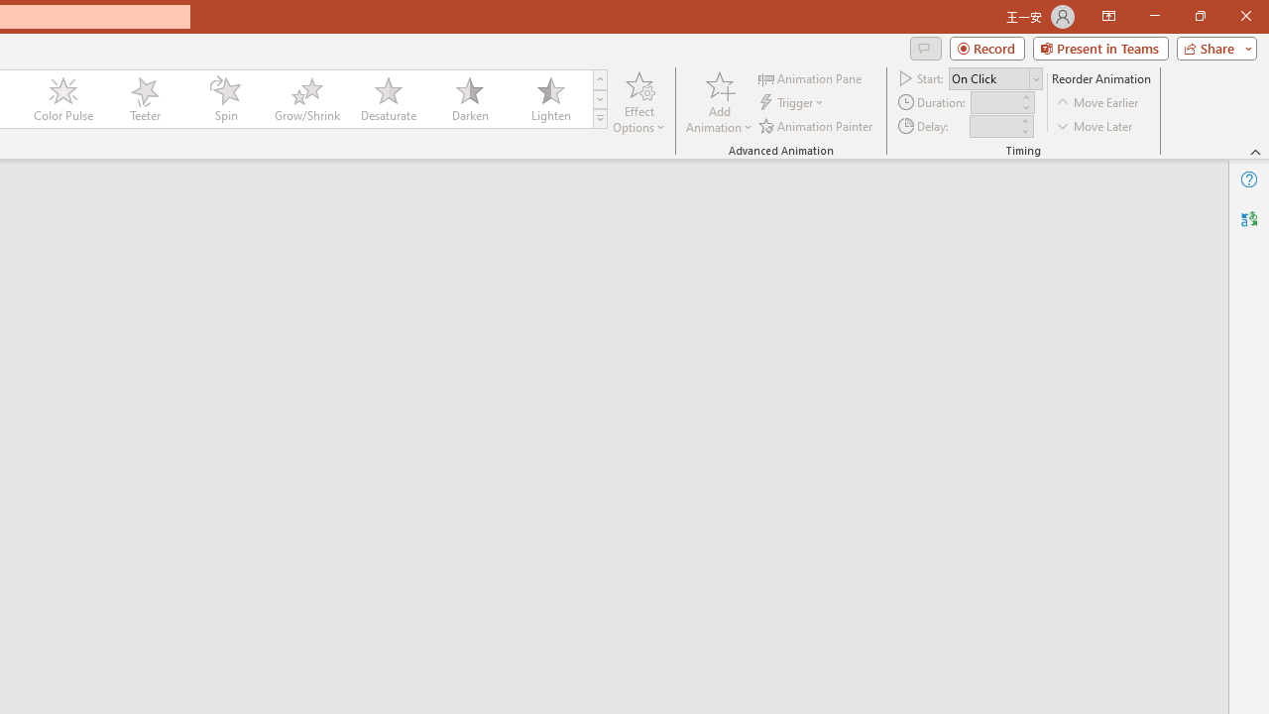  What do you see at coordinates (993, 126) in the screenshot?
I see `'Animation Delay'` at bounding box center [993, 126].